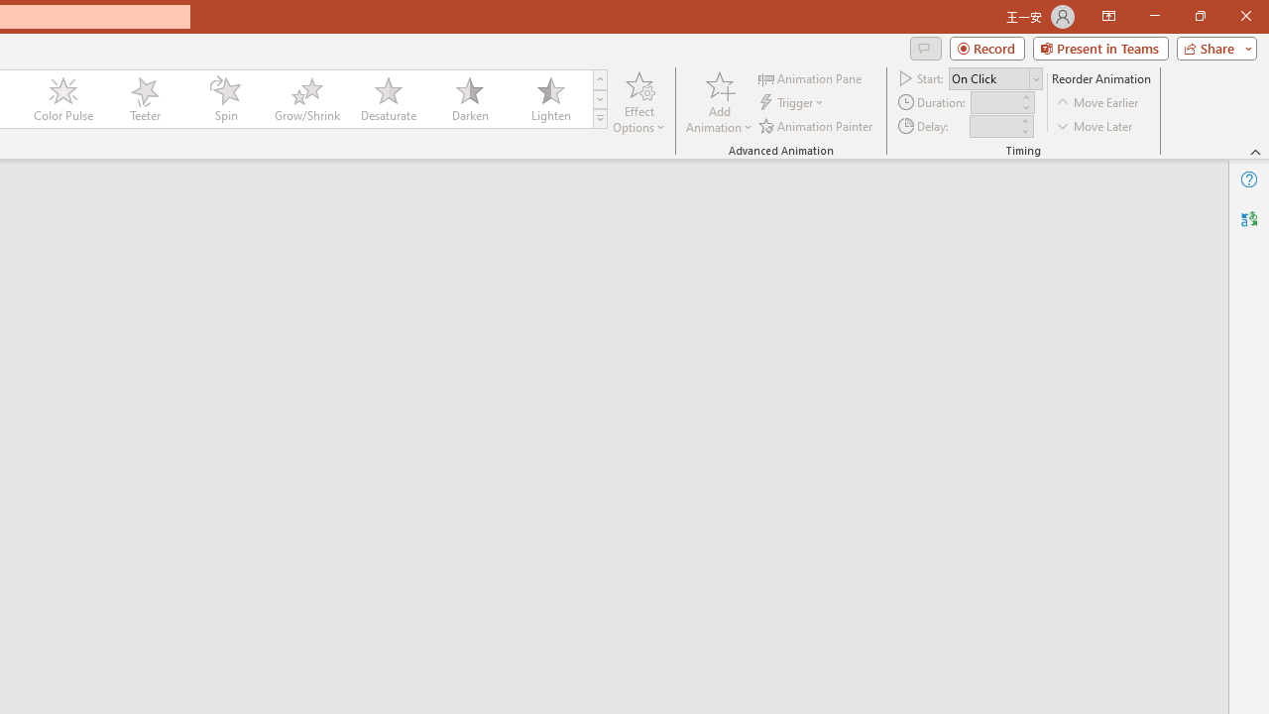  What do you see at coordinates (993, 126) in the screenshot?
I see `'Animation Delay'` at bounding box center [993, 126].